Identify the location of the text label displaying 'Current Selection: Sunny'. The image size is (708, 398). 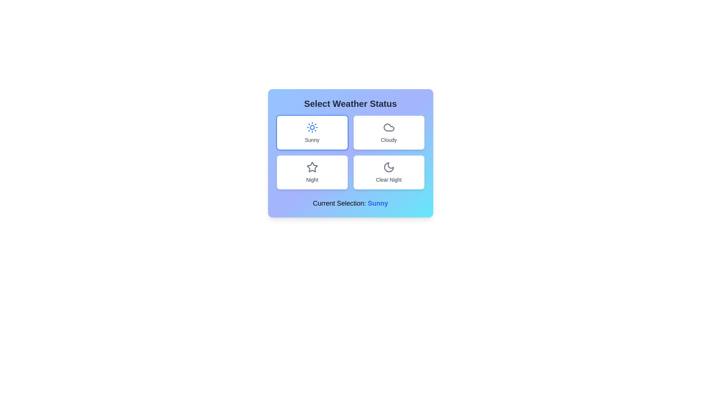
(350, 203).